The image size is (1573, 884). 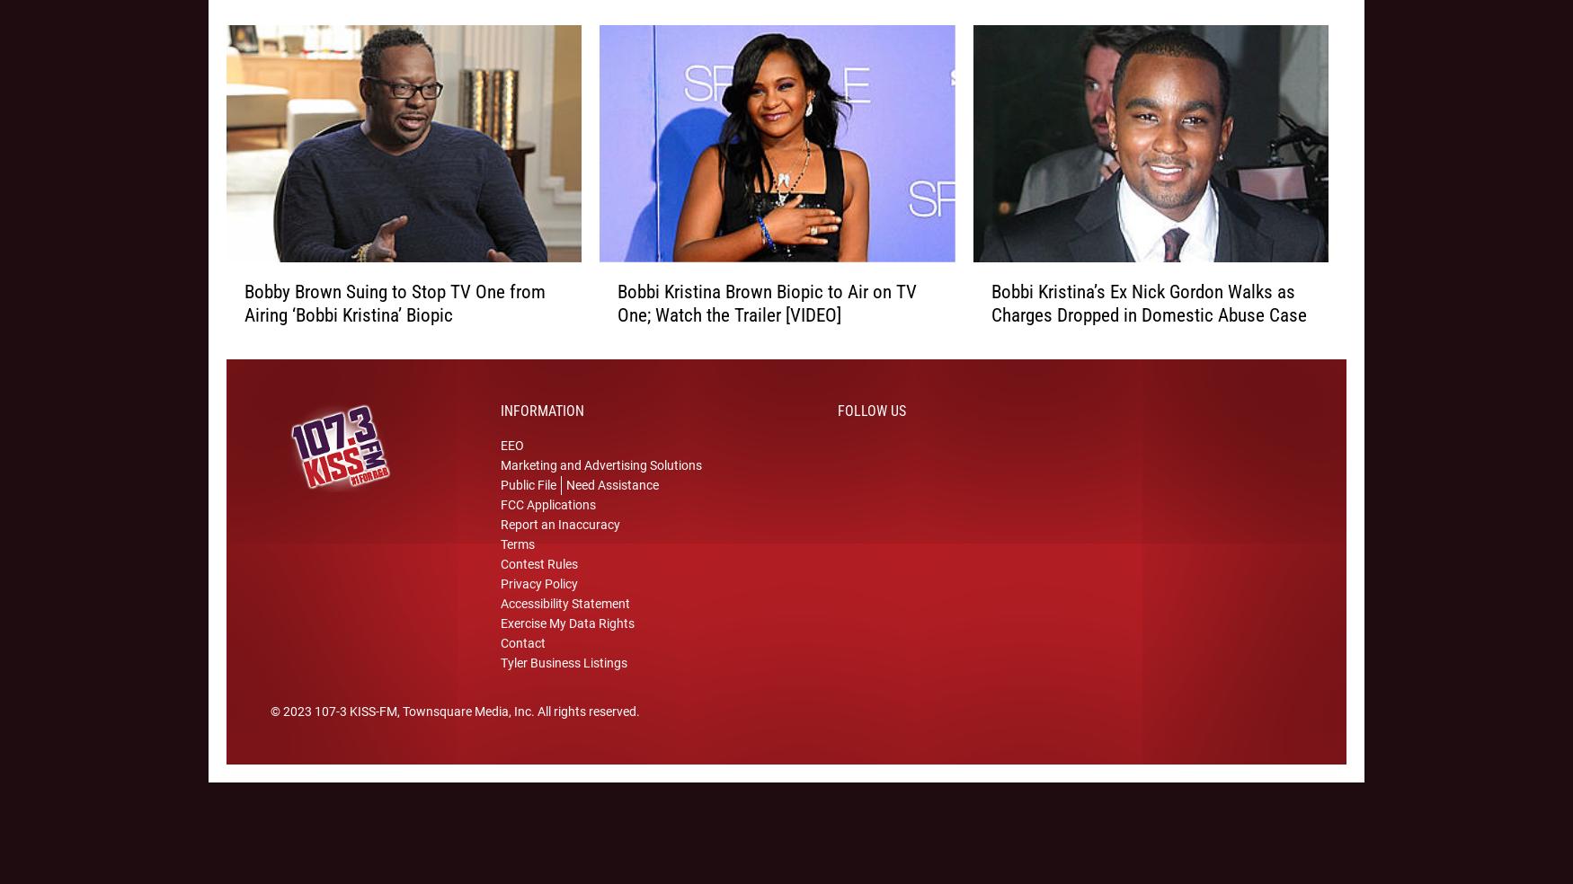 I want to click on ', Townsquare Media, Inc', so click(x=463, y=733).